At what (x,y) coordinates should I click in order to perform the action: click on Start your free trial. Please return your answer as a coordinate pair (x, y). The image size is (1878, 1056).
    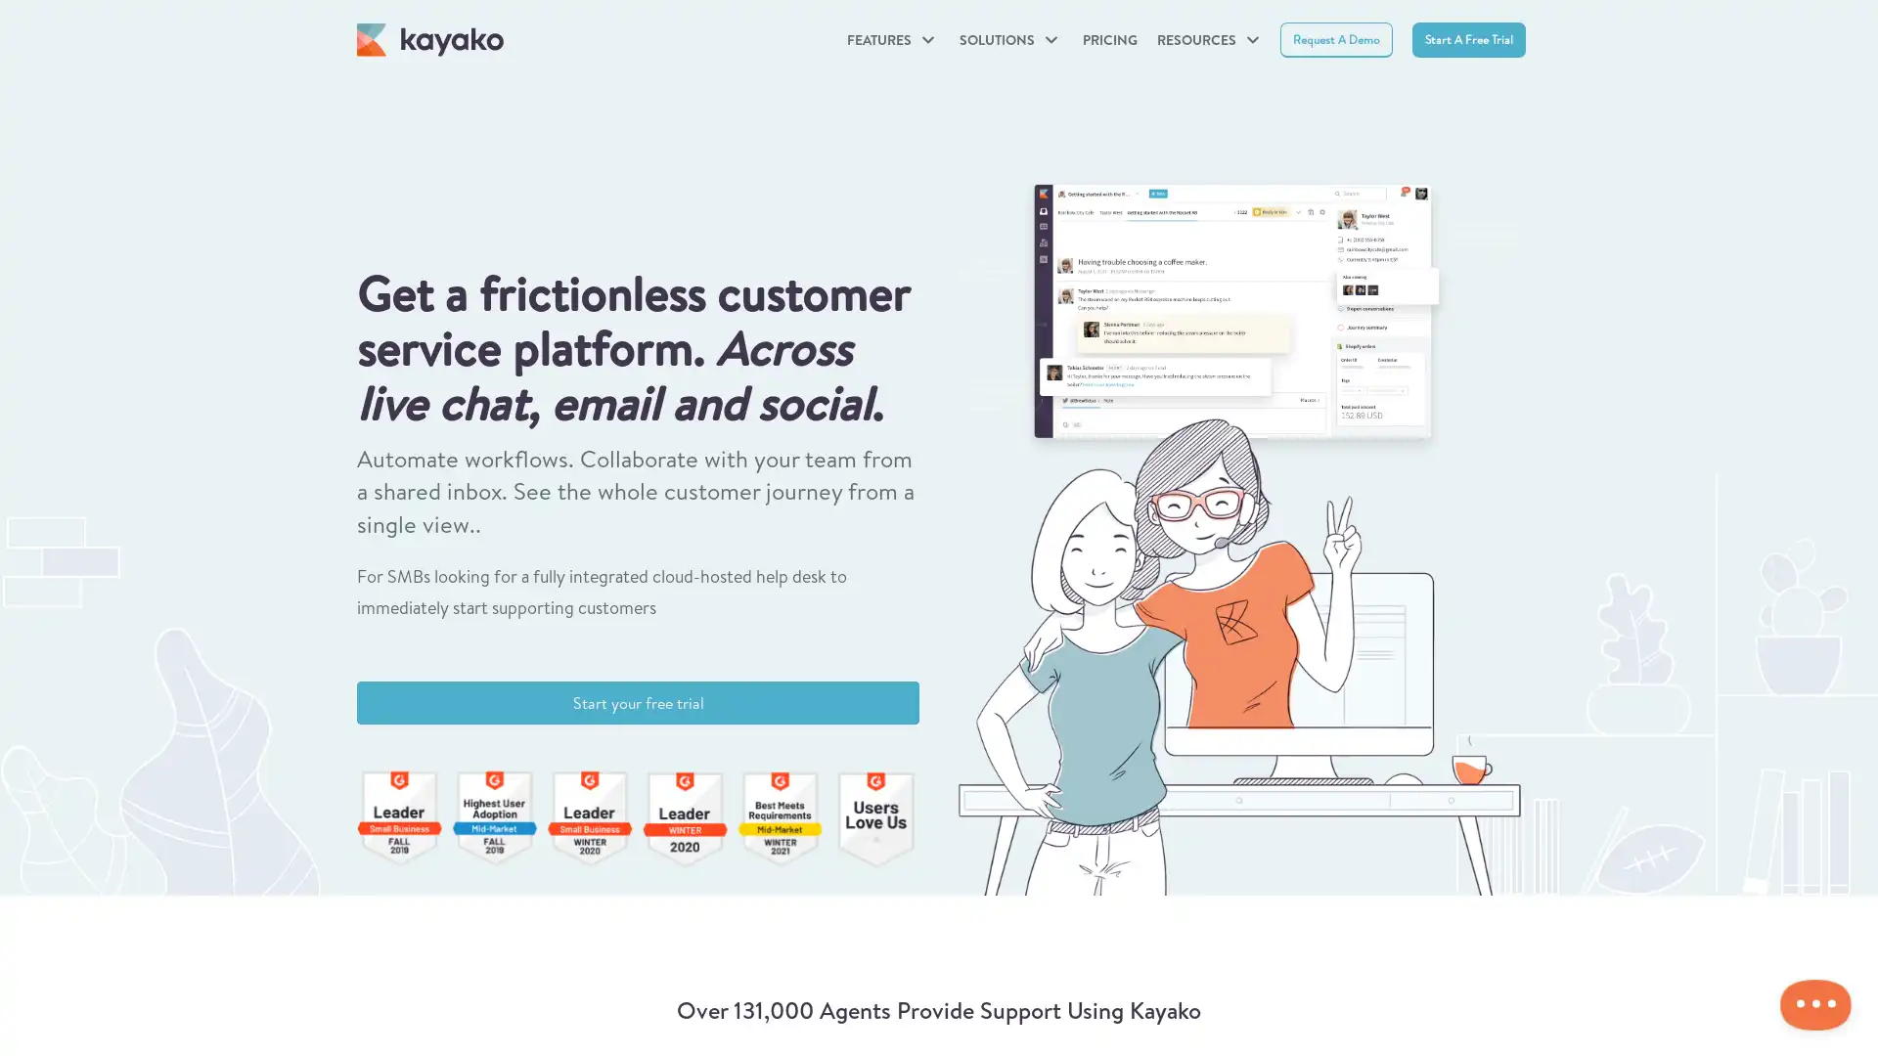
    Looking at the image, I should click on (638, 701).